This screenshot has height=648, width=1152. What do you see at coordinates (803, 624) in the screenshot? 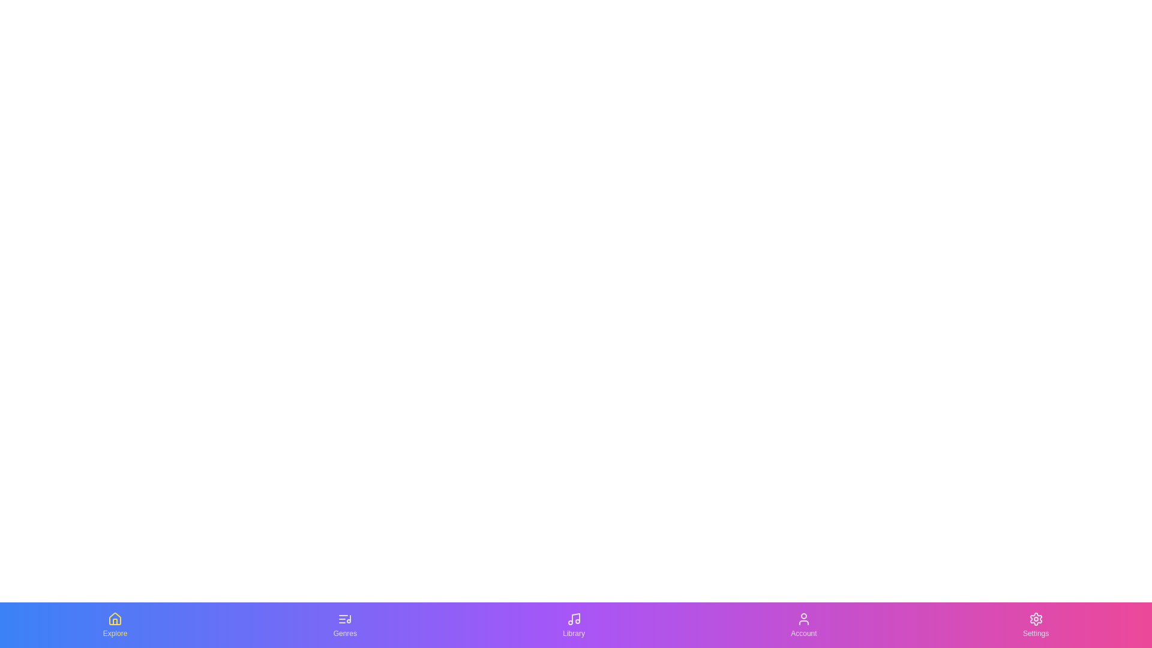
I see `the Account tab to observe the hover effect` at bounding box center [803, 624].